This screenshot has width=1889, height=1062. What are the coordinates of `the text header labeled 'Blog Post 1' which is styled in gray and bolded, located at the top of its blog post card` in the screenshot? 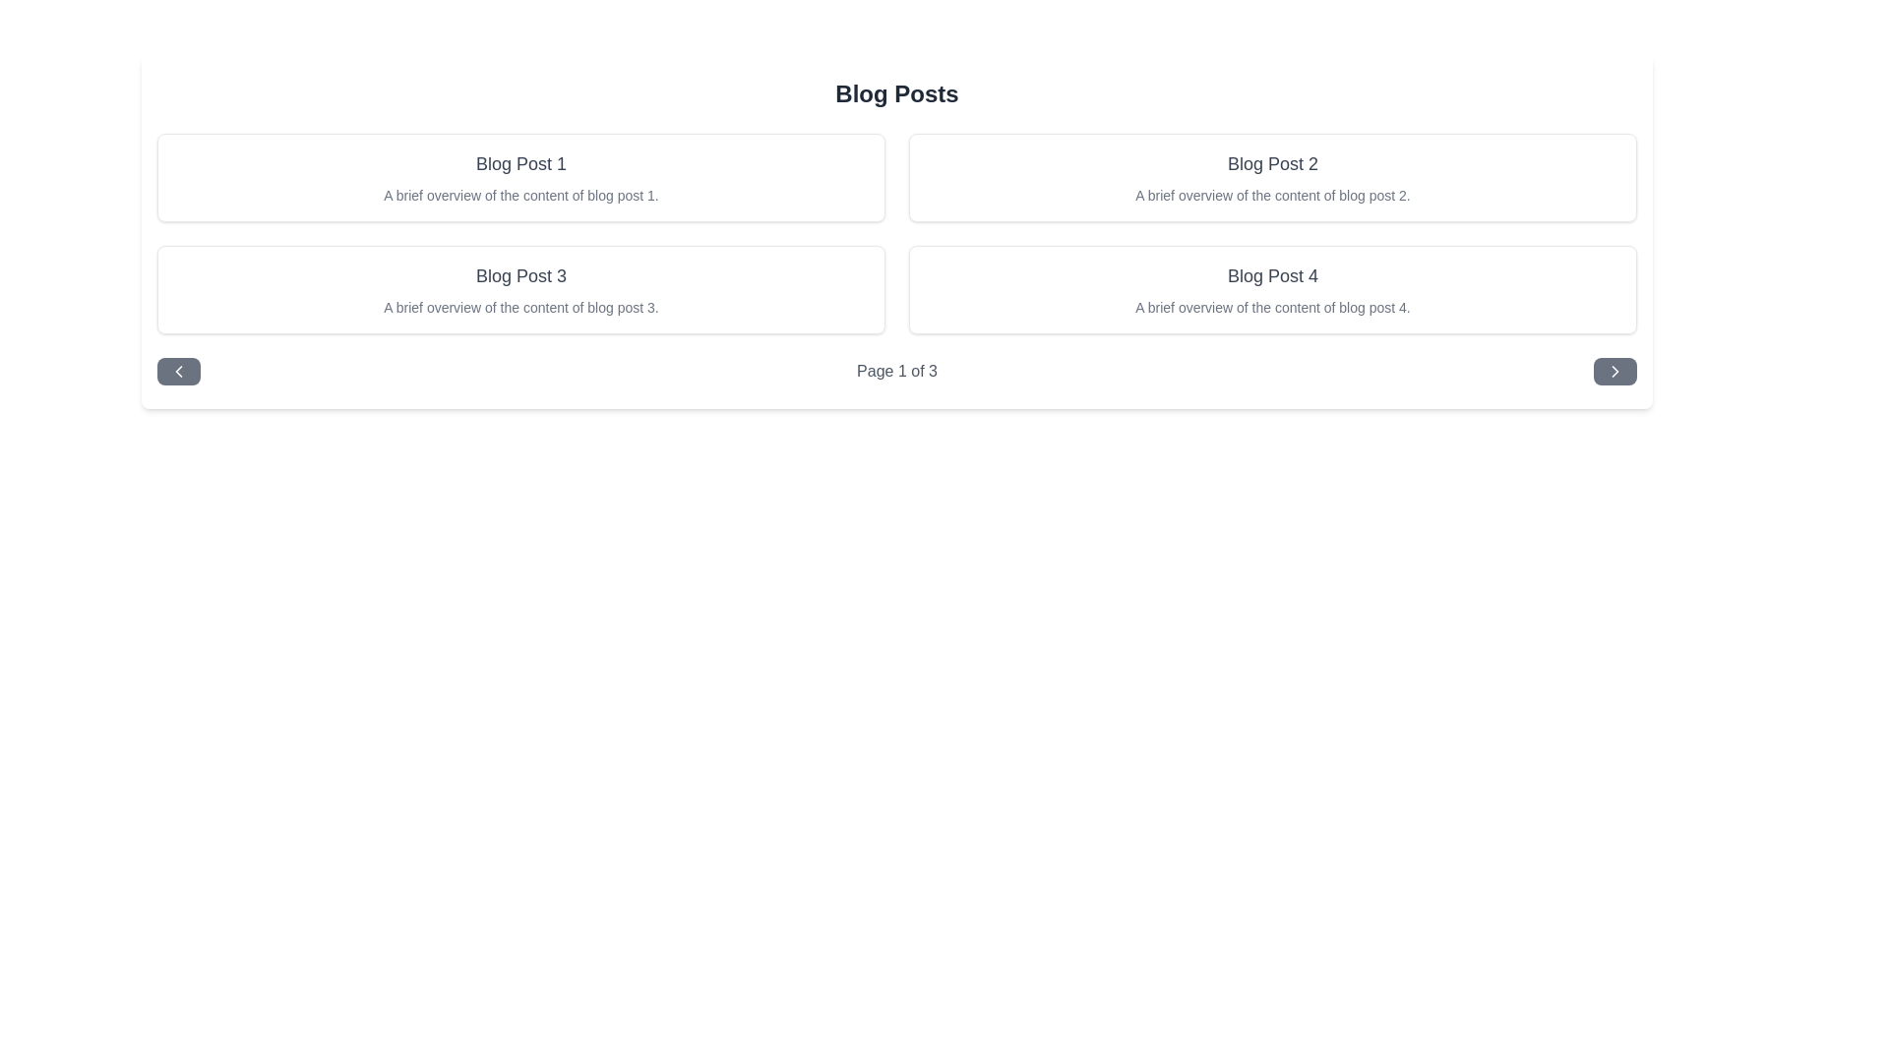 It's located at (520, 162).